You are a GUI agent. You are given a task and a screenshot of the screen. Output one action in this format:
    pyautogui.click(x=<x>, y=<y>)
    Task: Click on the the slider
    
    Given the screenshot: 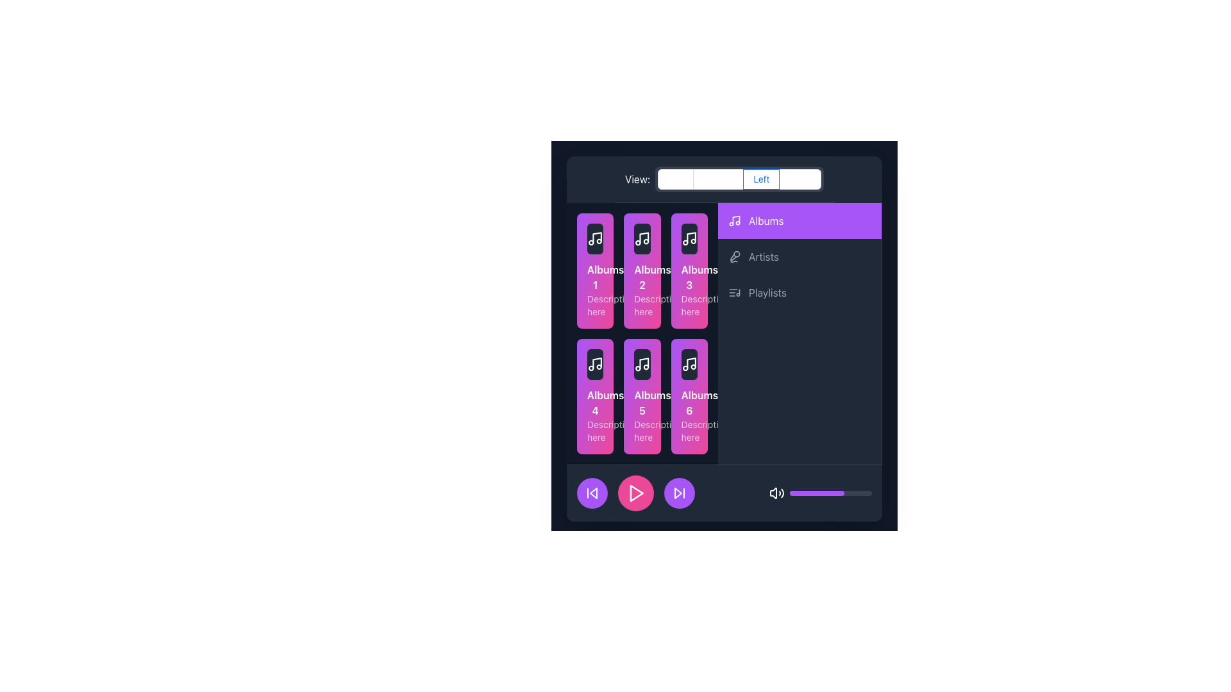 What is the action you would take?
    pyautogui.click(x=852, y=493)
    